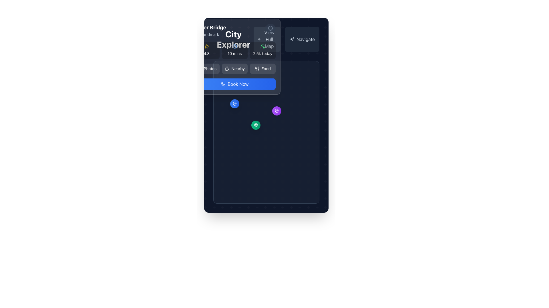 This screenshot has height=308, width=549. Describe the element at coordinates (234, 68) in the screenshot. I see `the 'Nearby' button, which is a rounded rectangular button located between 'Photos' and 'Food'` at that location.